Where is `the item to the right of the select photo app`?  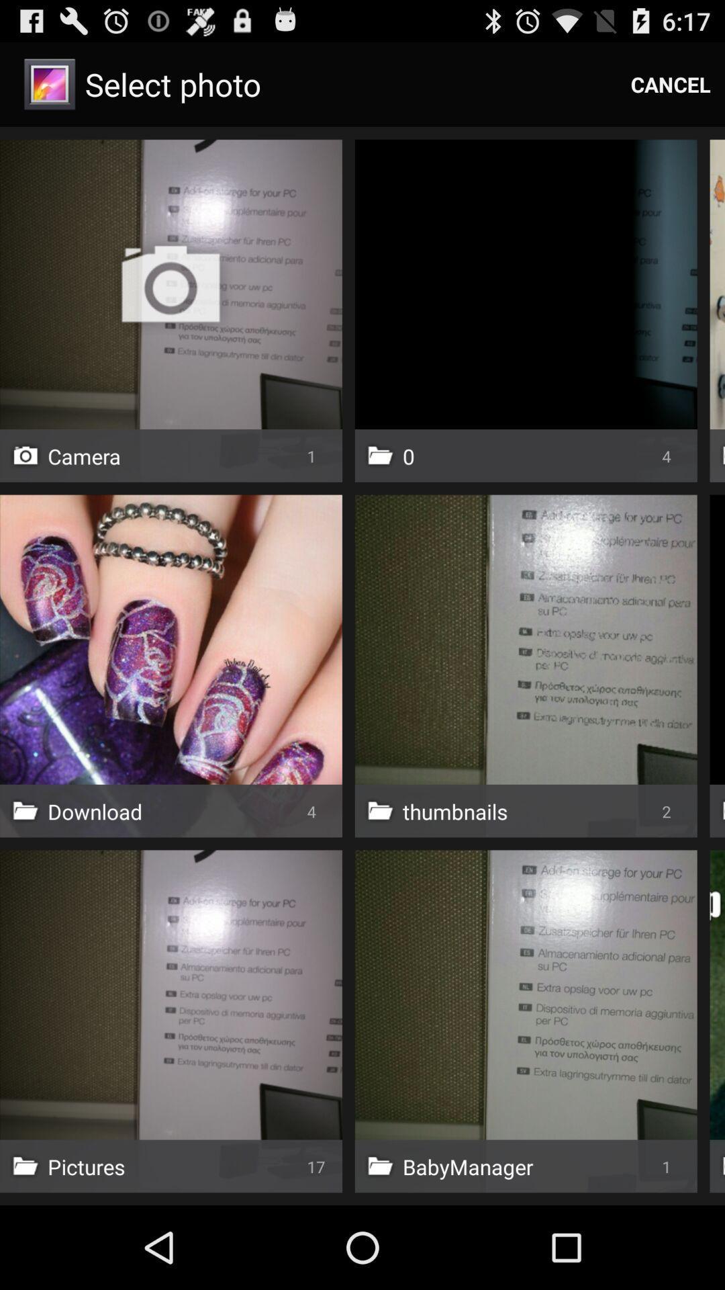 the item to the right of the select photo app is located at coordinates (671, 83).